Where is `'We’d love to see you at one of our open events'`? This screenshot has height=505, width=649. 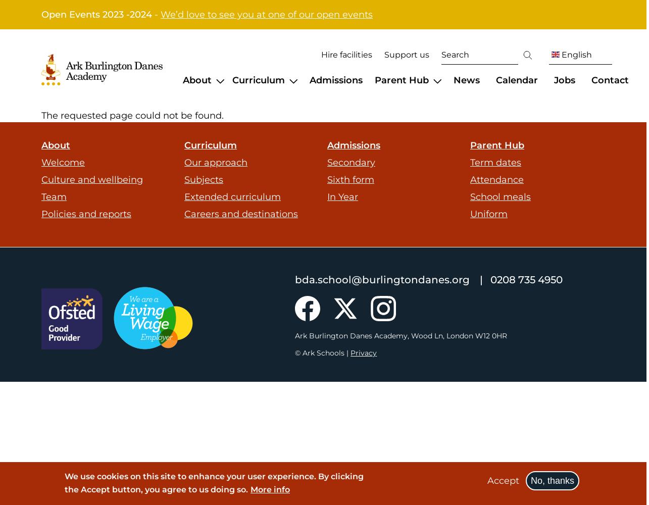 'We’d love to see you at one of our open events' is located at coordinates (160, 15).